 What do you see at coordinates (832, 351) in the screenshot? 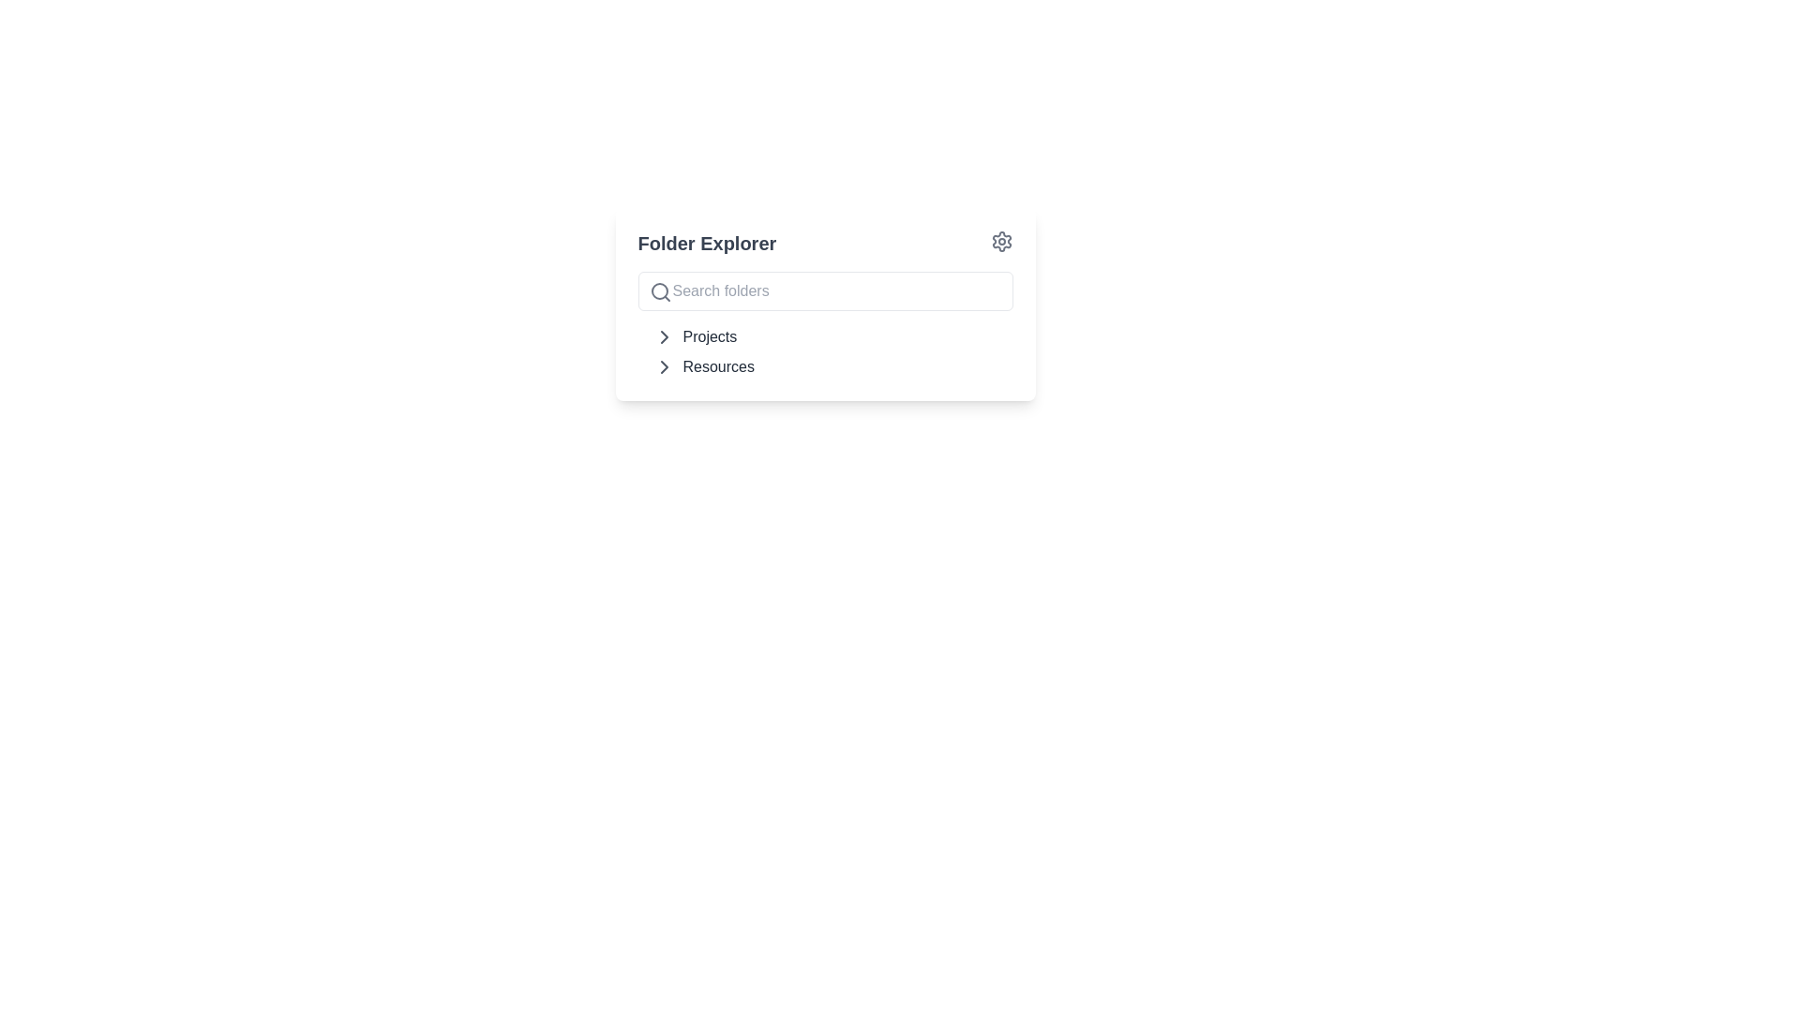
I see `the 'Projects' and 'Resources' expandable list section located within the 'Folder Explorer' component to view the context menu` at bounding box center [832, 351].